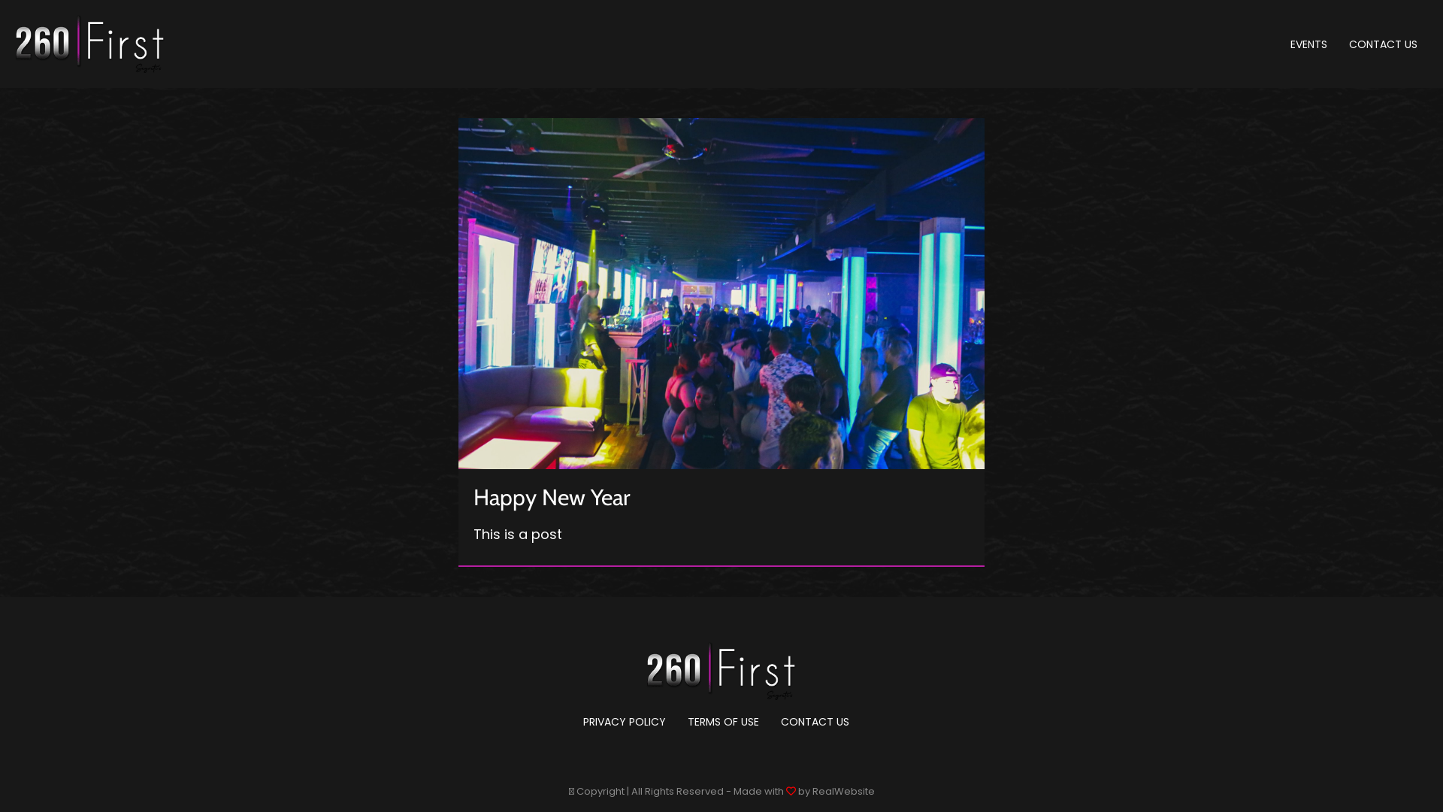 The width and height of the screenshot is (1443, 812). I want to click on 'PRIVACY POLICY', so click(624, 721).